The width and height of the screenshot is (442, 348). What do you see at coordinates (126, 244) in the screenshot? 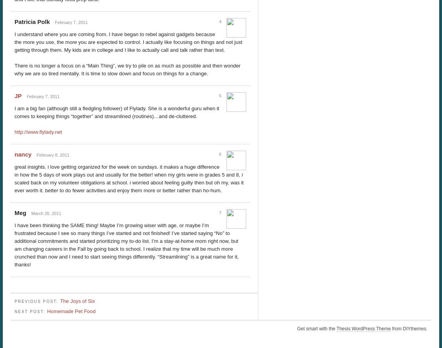
I see `'I have been thinking the SAME thing!  Maybe I’m growing wiser with age, or maybe I’m frustrated because I see so many things I’ve started and not finished!  I’ve started saying “No” to additional commitments and started prioritizing my to-do list.  I’m a stay-at-home mom right now, but am changing careers in the Fall by going back to school.  I realize that my time will be much more crunched than now and I need to start seeing things differently.  “Streamlining” is a great name for it, thanks!'` at bounding box center [126, 244].